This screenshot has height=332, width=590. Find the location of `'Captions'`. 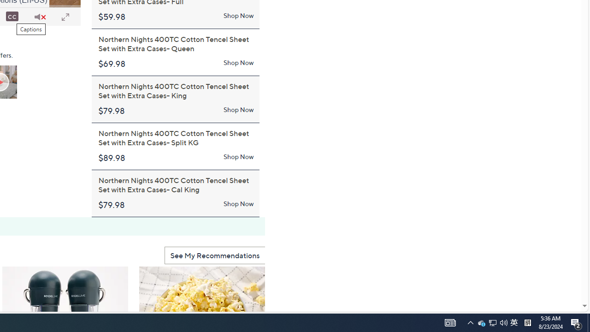

'Captions' is located at coordinates (12, 17).